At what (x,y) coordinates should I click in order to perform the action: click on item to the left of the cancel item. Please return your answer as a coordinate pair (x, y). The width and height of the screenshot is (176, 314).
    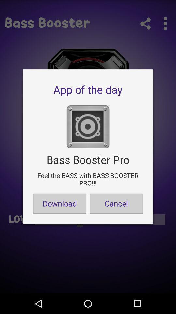
    Looking at the image, I should click on (60, 203).